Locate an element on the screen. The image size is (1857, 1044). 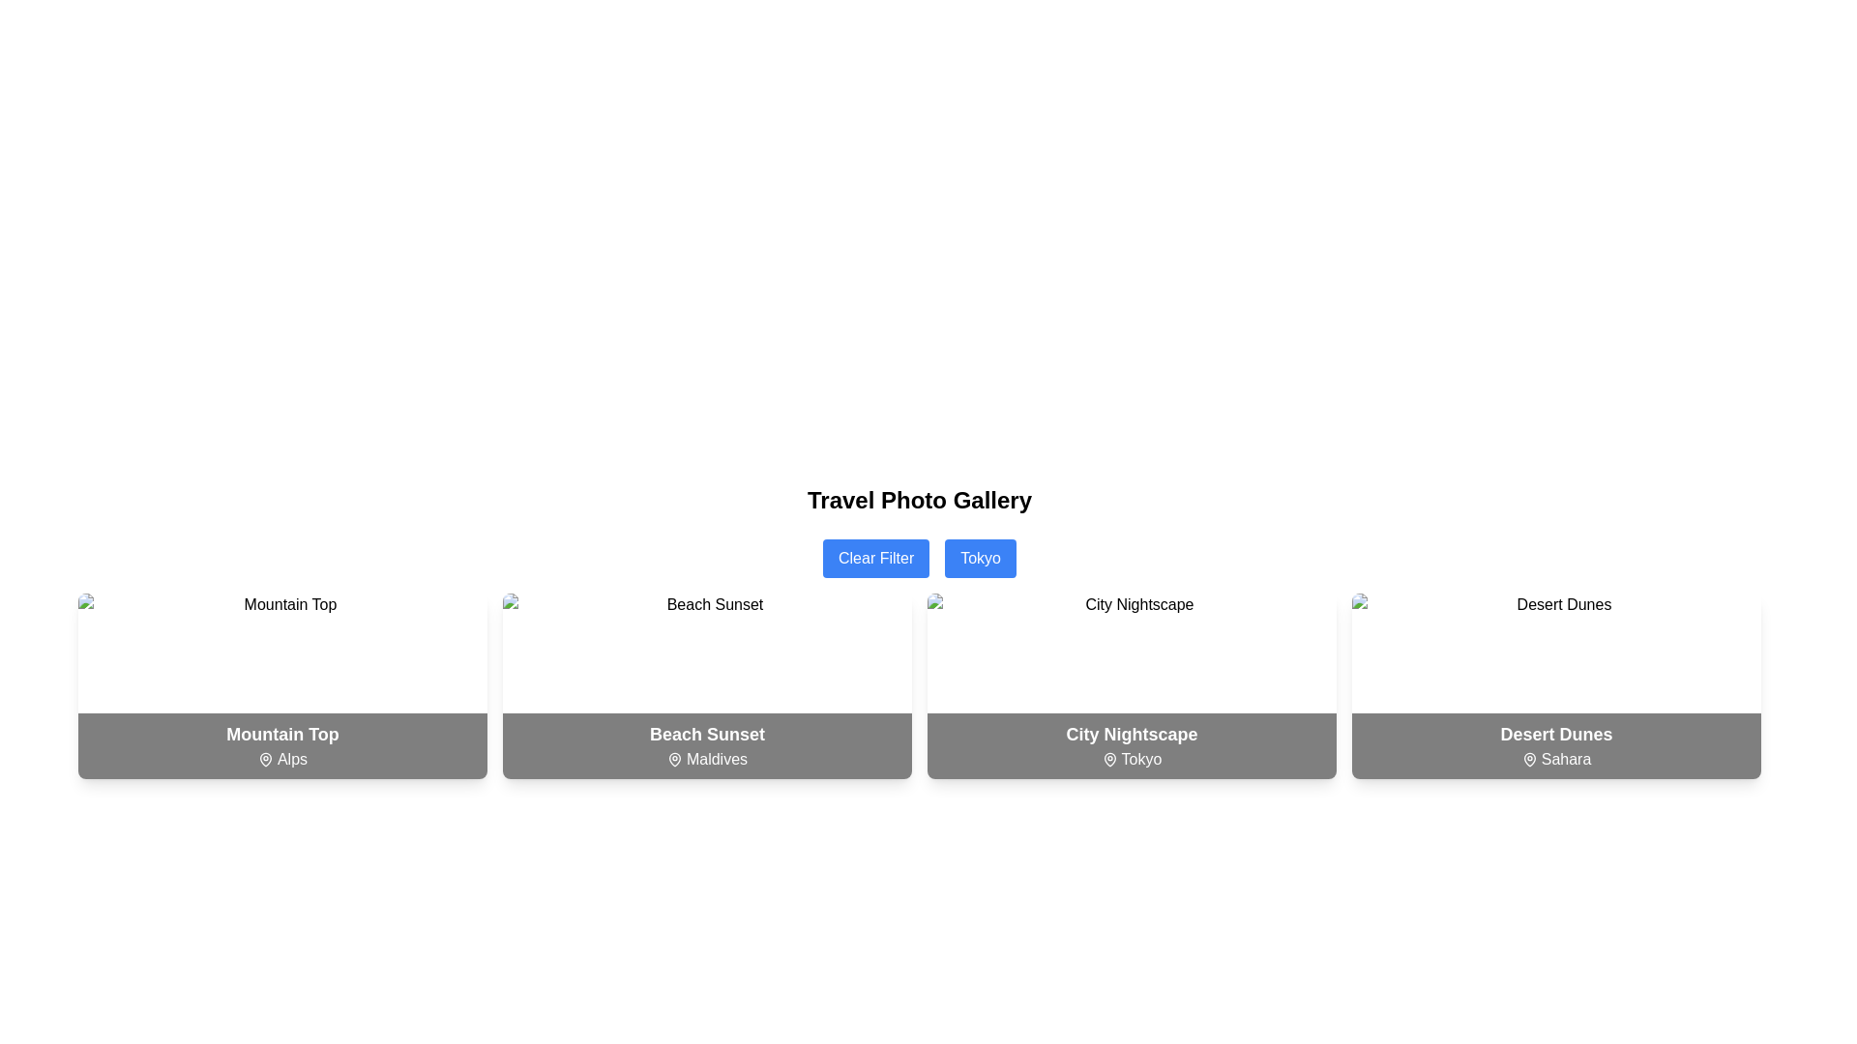
the map pin icon located on the second card from the left in the photo gallery, positioned under the 'Beach Sunset' label and above the 'Maldives' text is located at coordinates (674, 759).